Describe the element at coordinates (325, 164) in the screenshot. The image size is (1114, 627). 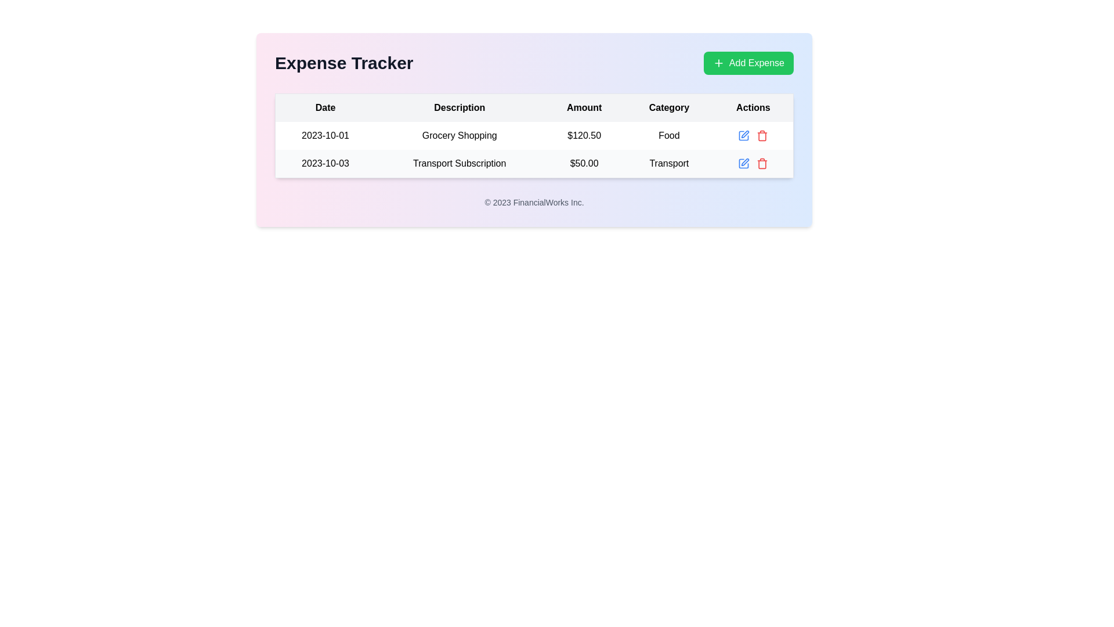
I see `the non-editable date entry text field in the first cell of the second row of the Expense Tracker table` at that location.